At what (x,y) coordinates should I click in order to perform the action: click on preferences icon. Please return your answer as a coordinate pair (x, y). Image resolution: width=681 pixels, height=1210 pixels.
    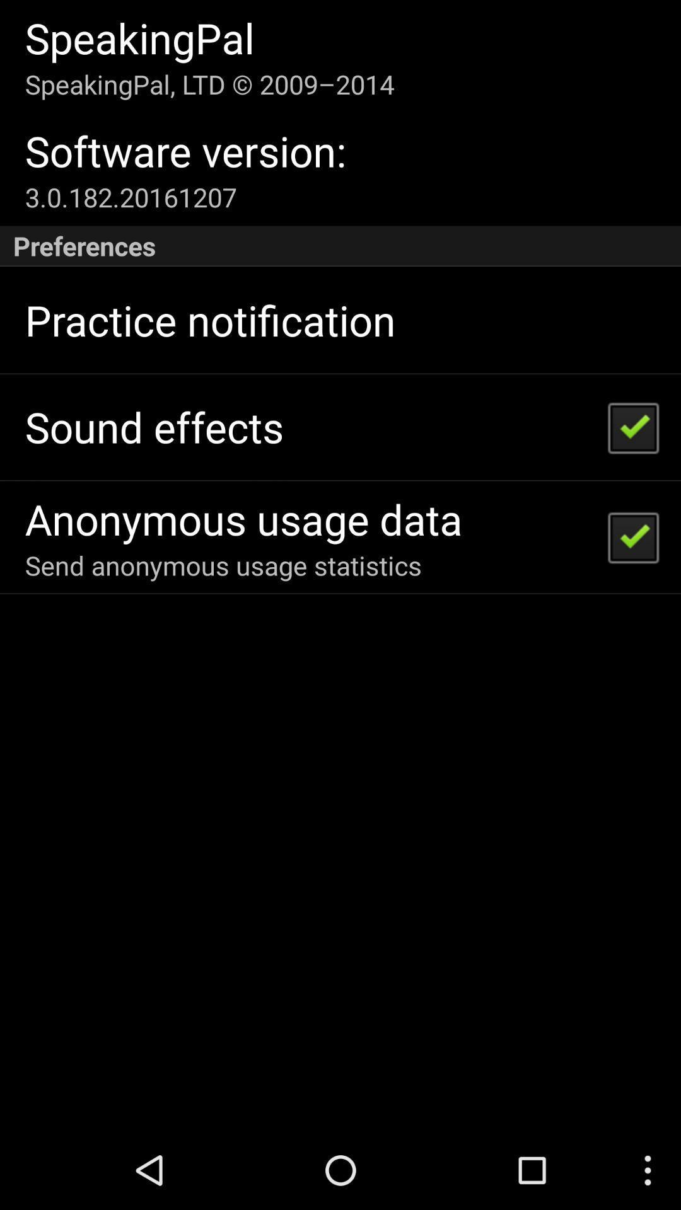
    Looking at the image, I should click on (340, 246).